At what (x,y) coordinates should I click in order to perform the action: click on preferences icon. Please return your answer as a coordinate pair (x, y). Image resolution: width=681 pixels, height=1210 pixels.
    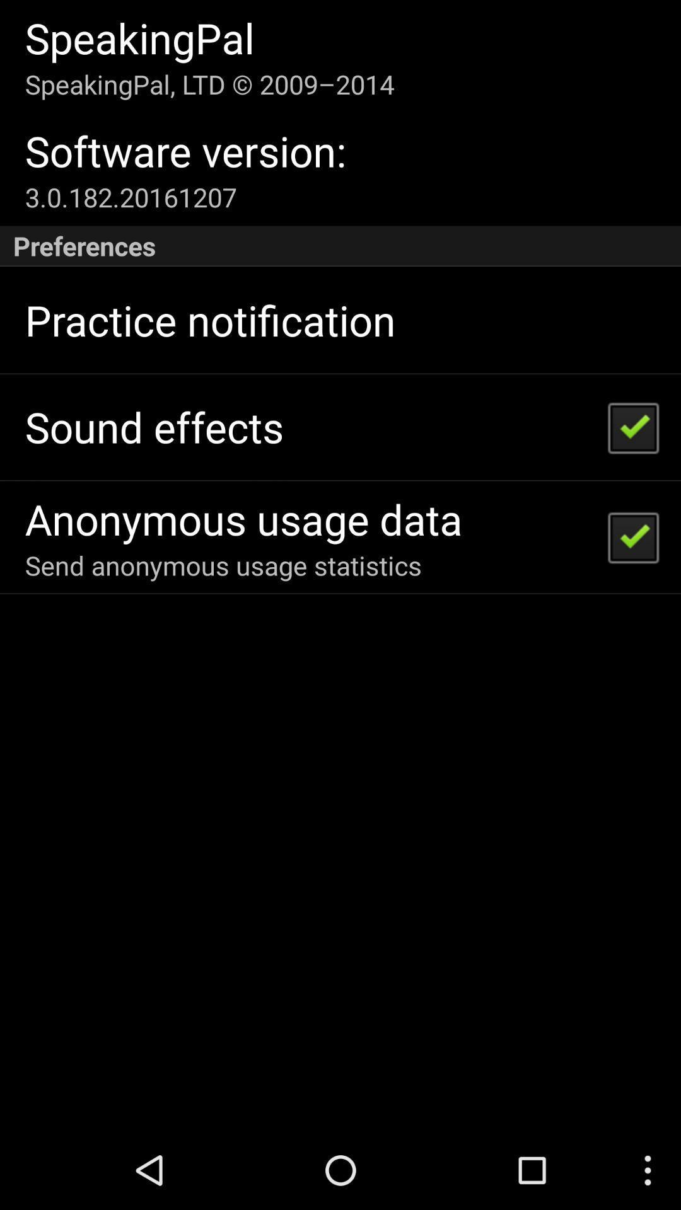
    Looking at the image, I should click on (340, 246).